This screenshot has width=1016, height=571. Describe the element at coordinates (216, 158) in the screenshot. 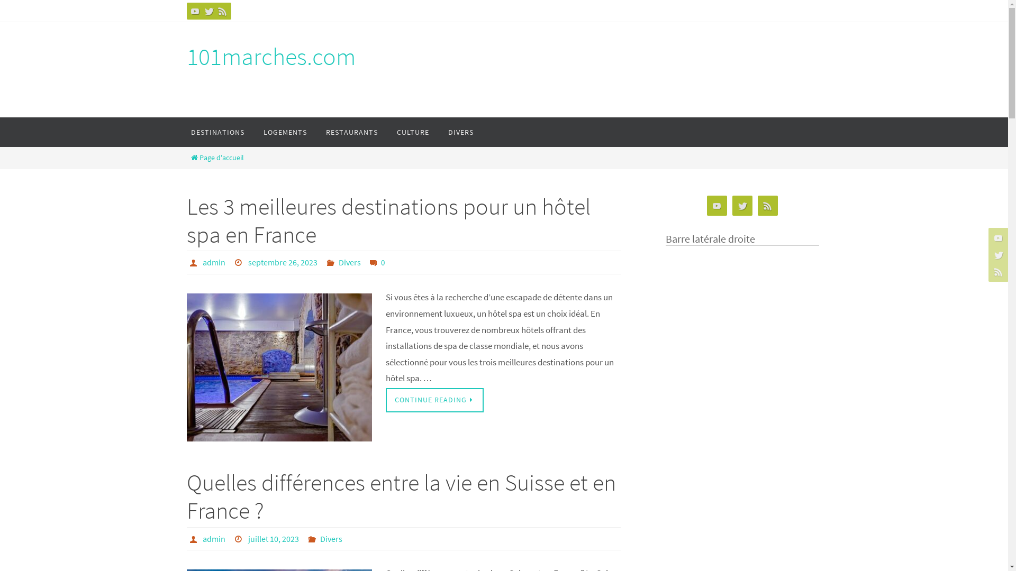

I see `'Page d'accueil'` at that location.